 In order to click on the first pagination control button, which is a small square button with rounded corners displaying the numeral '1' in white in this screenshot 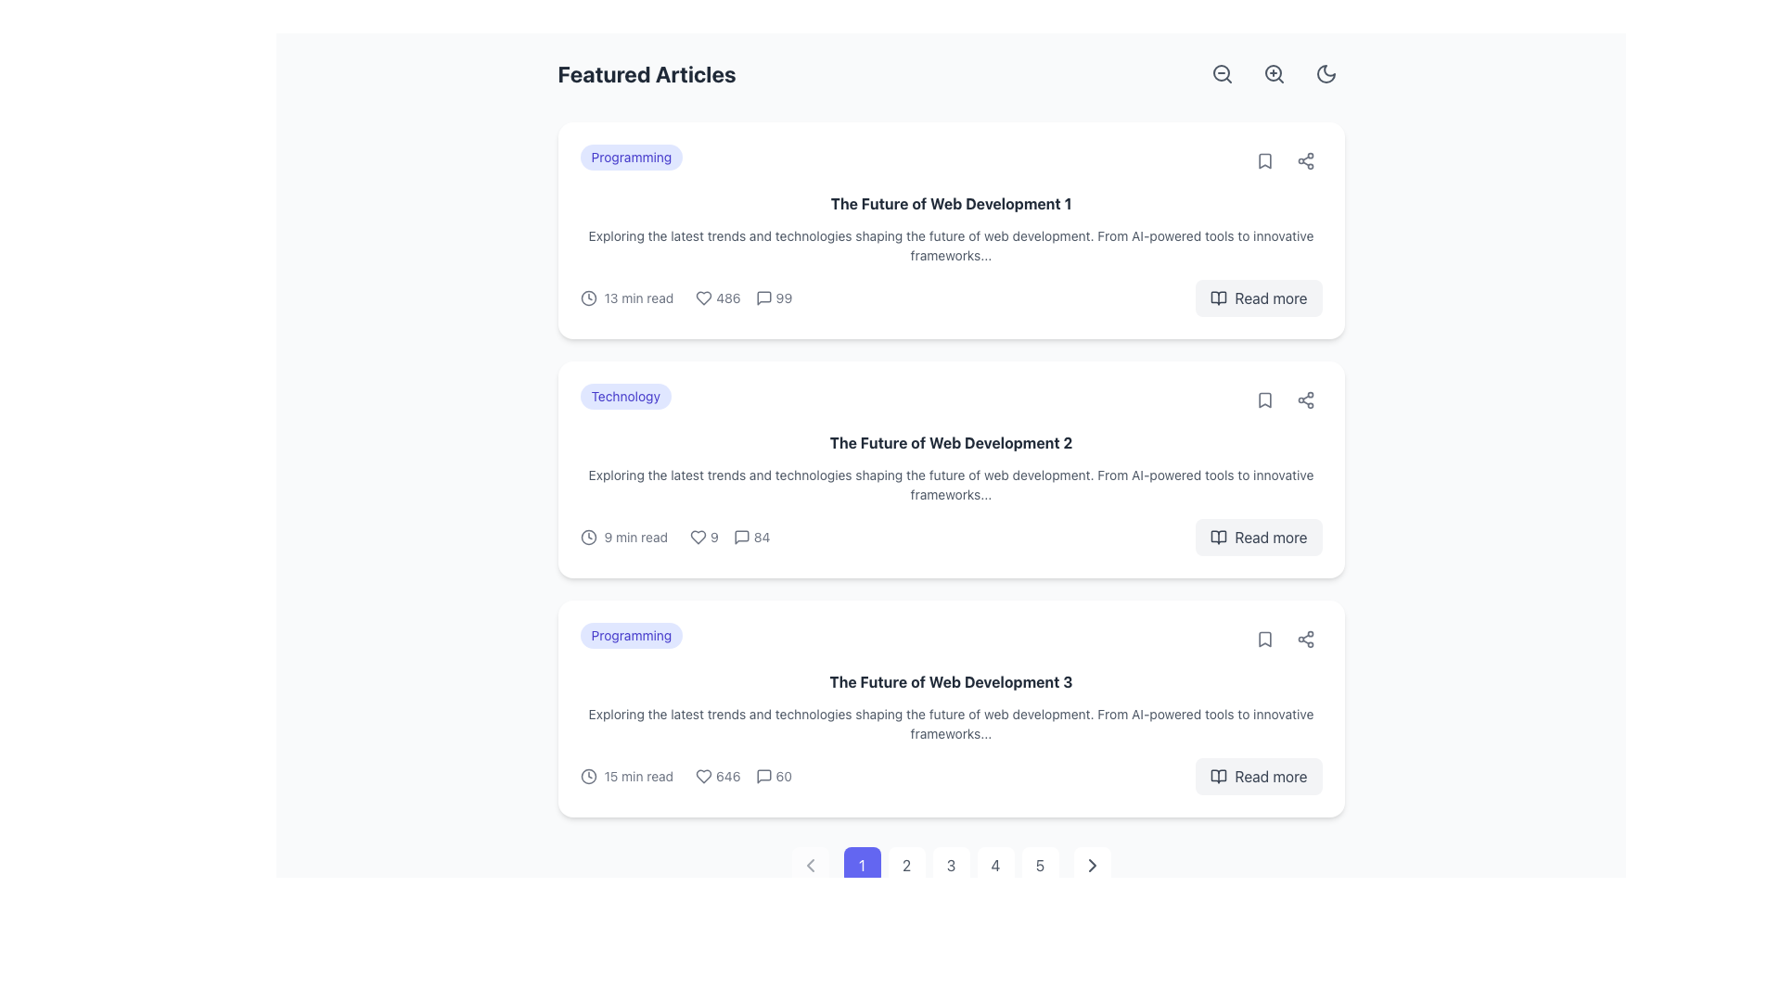, I will do `click(861, 865)`.